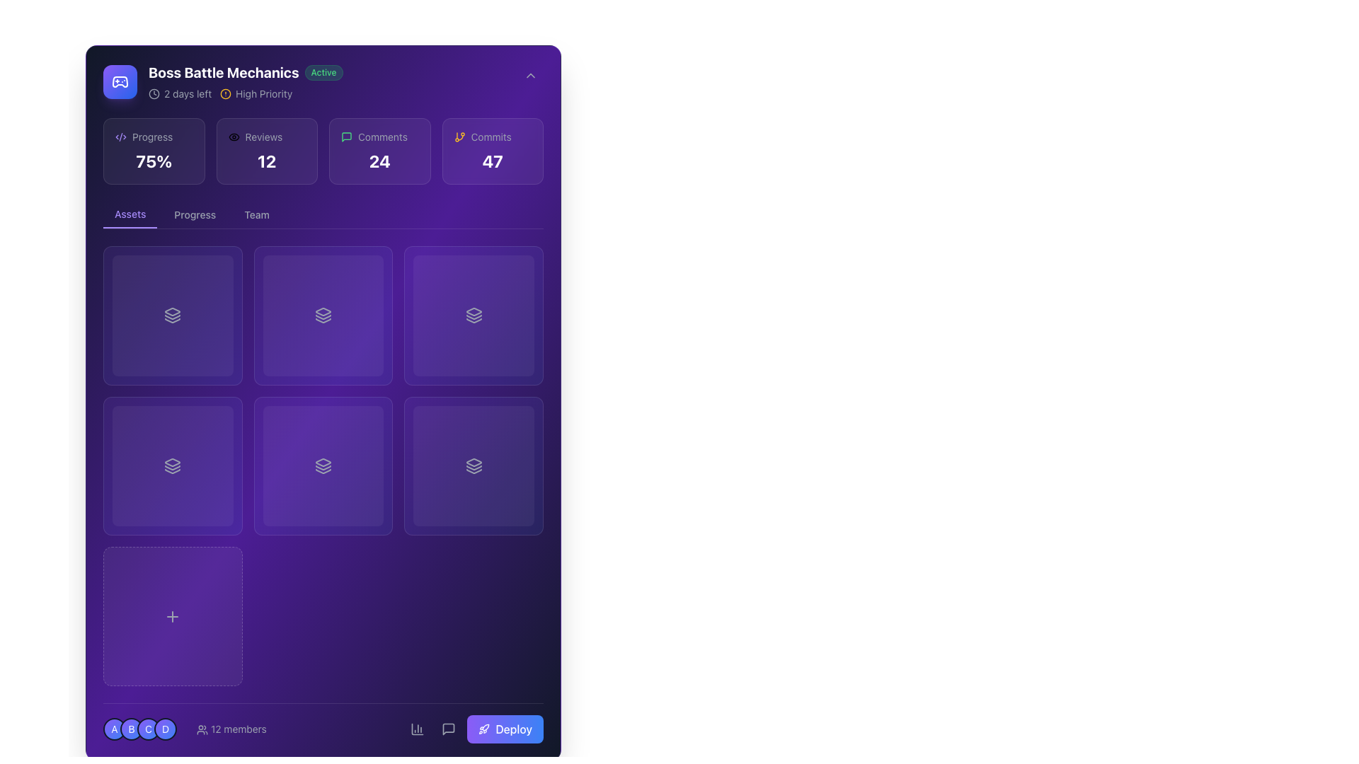 The height and width of the screenshot is (764, 1359). What do you see at coordinates (346, 137) in the screenshot?
I see `the visual indicator icon representing the 'Comments' section, located to the left of the label text 'Comments'` at bounding box center [346, 137].